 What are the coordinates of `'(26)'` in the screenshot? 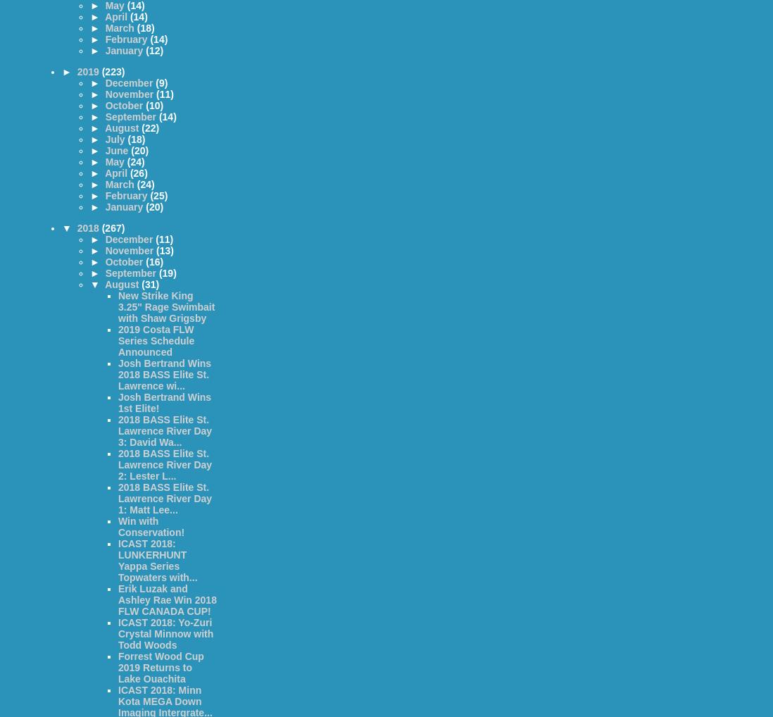 It's located at (137, 173).